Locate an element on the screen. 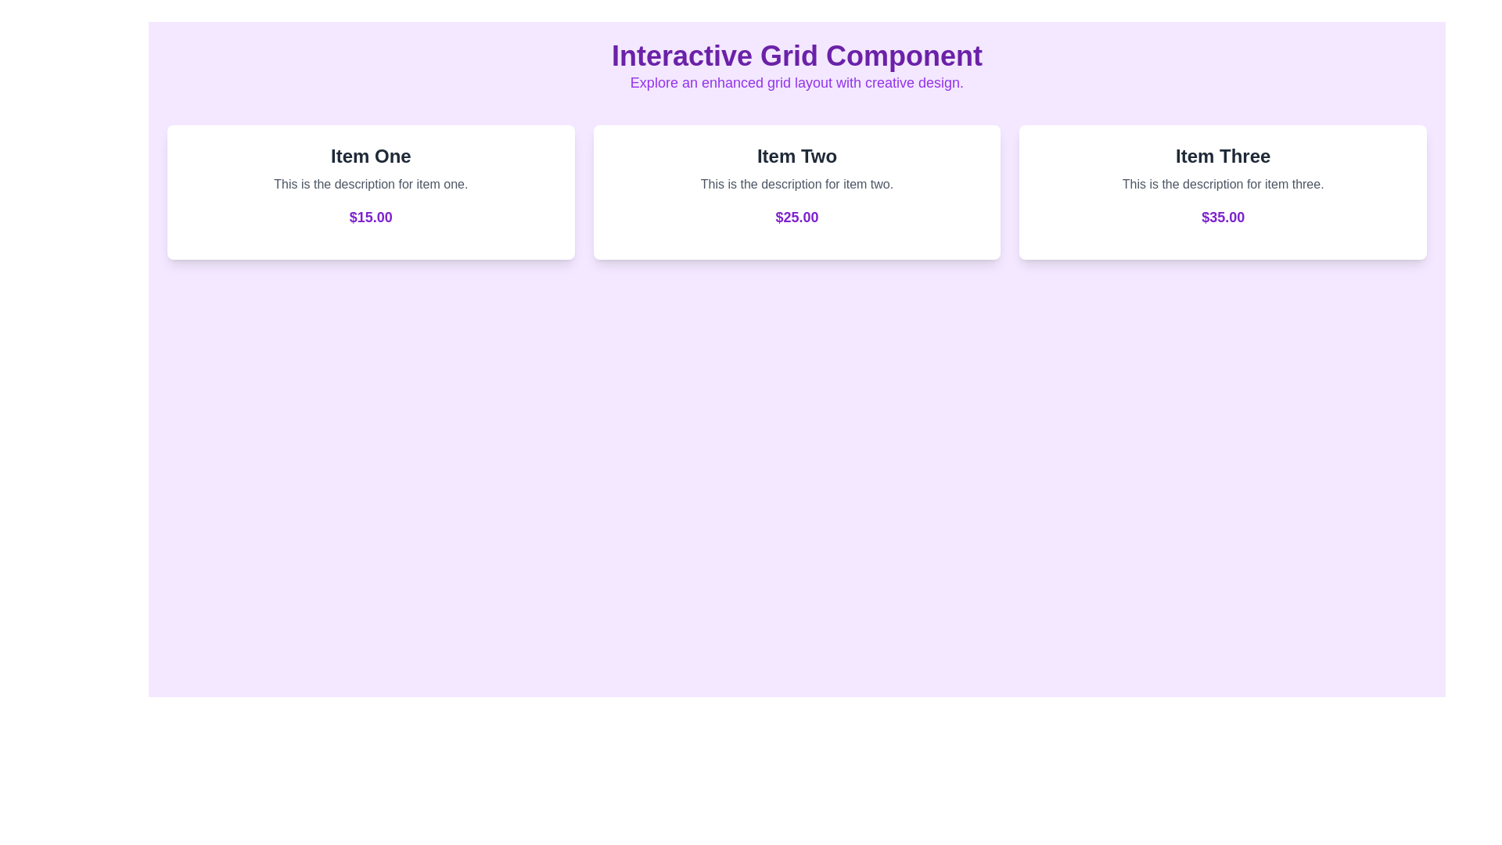 This screenshot has width=1502, height=845. price displayed in the text label located at the bottom section of the third card labeled 'Item Three', which is directly beneath the item description text is located at coordinates (1222, 217).